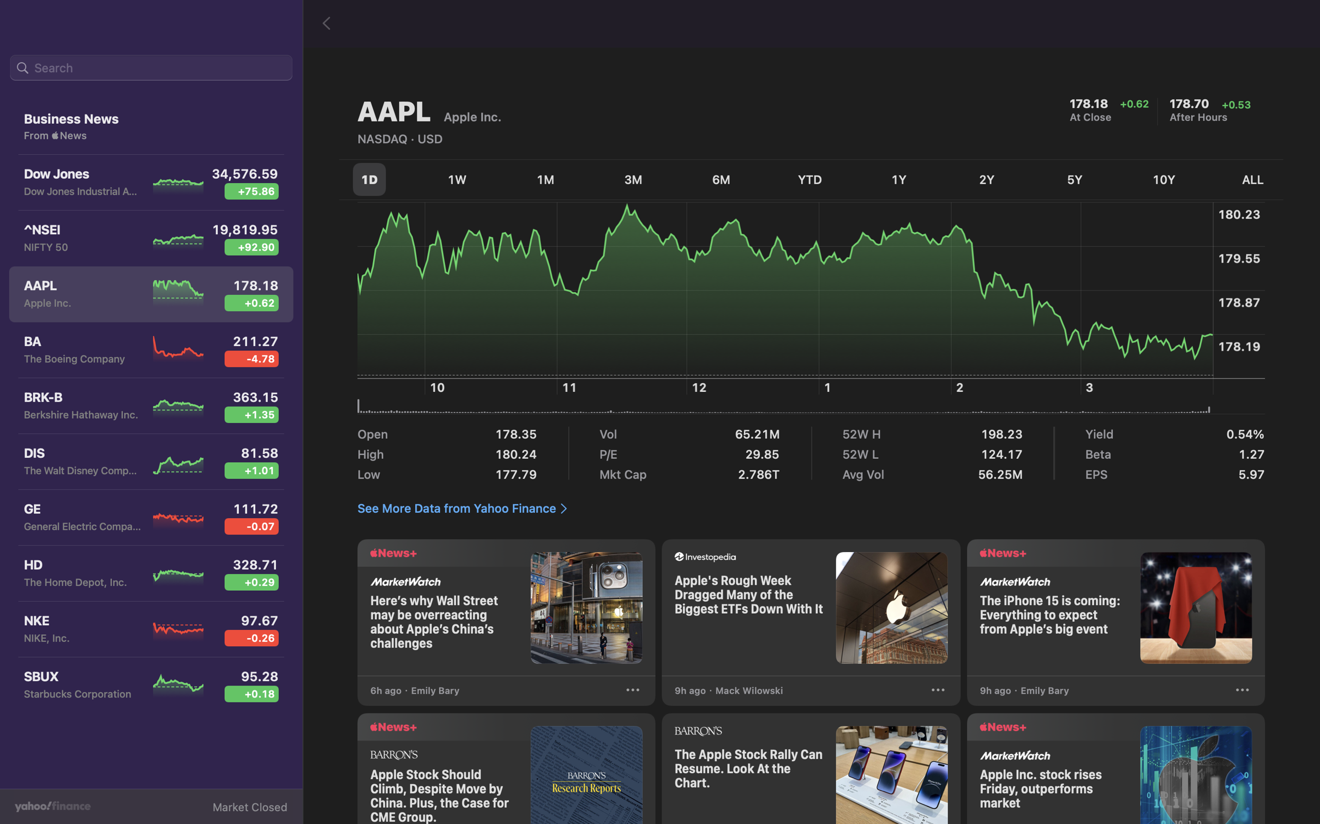 Image resolution: width=1320 pixels, height=824 pixels. What do you see at coordinates (2023560, 567324) in the screenshot?
I see `the 12pm data point and drag to 2pm on the graph` at bounding box center [2023560, 567324].